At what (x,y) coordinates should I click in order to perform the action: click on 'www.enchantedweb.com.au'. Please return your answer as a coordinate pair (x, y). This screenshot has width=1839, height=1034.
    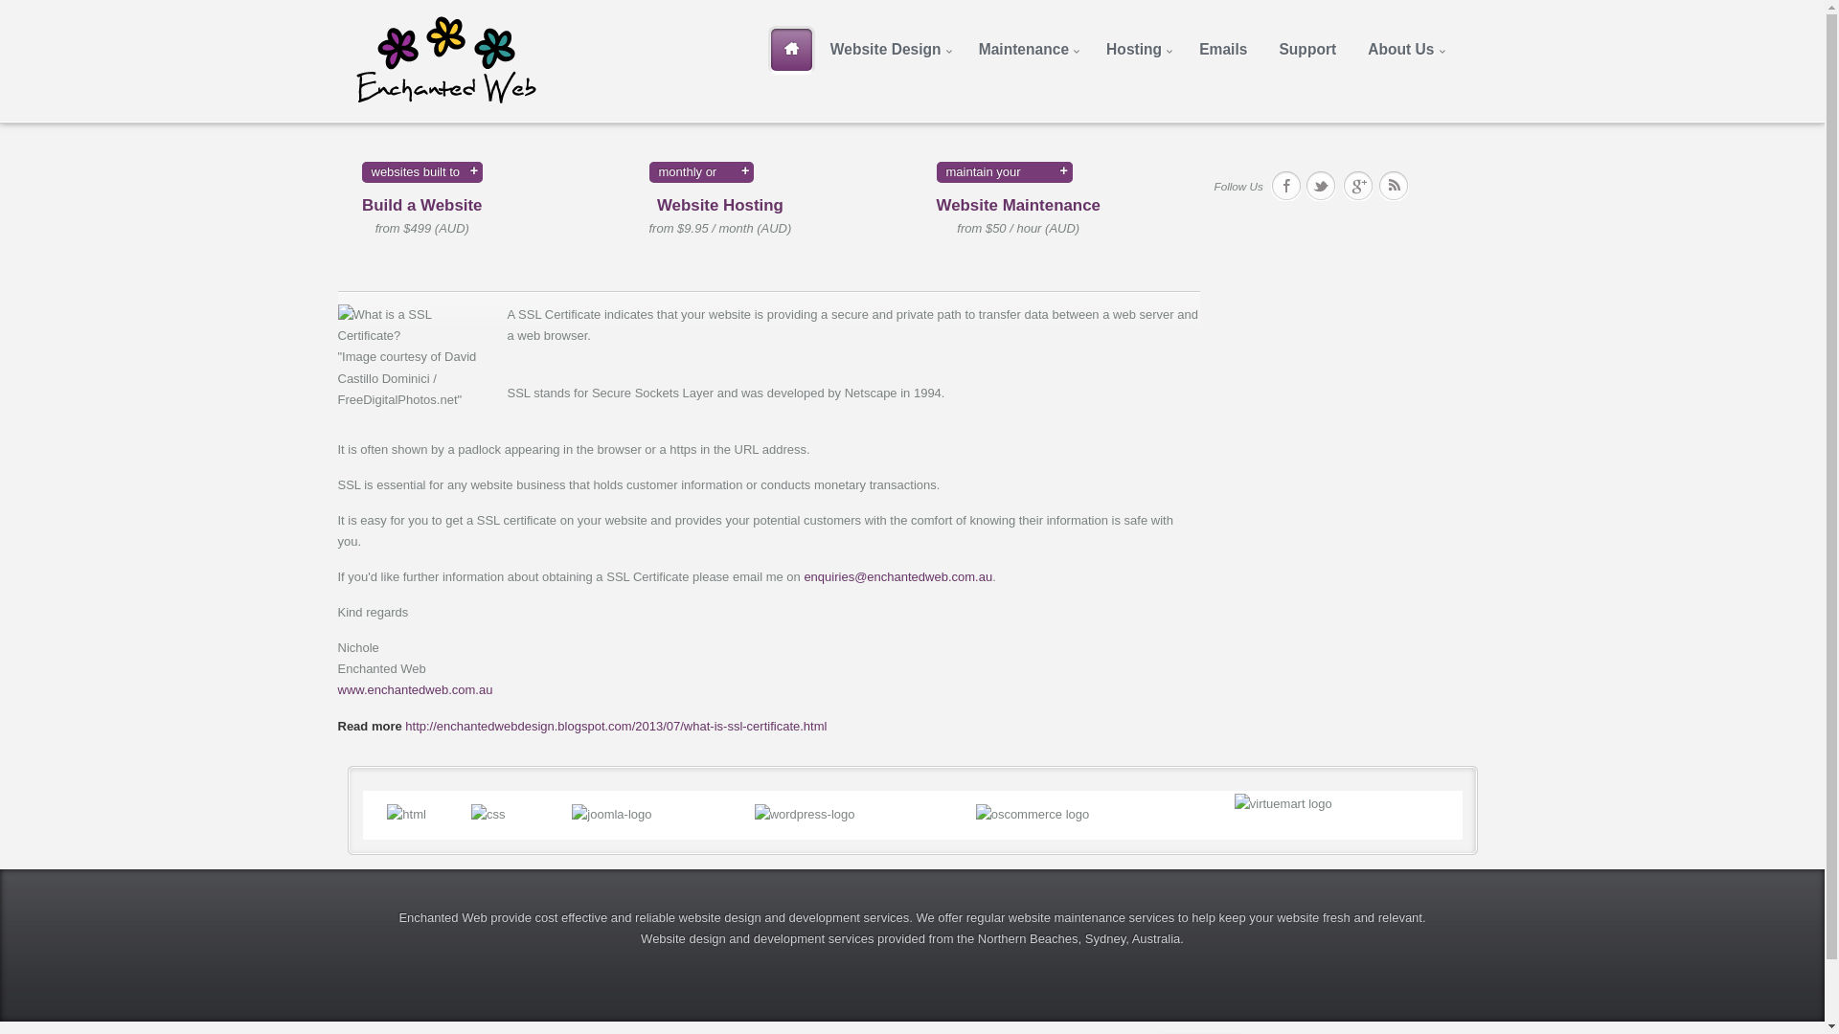
    Looking at the image, I should click on (336, 689).